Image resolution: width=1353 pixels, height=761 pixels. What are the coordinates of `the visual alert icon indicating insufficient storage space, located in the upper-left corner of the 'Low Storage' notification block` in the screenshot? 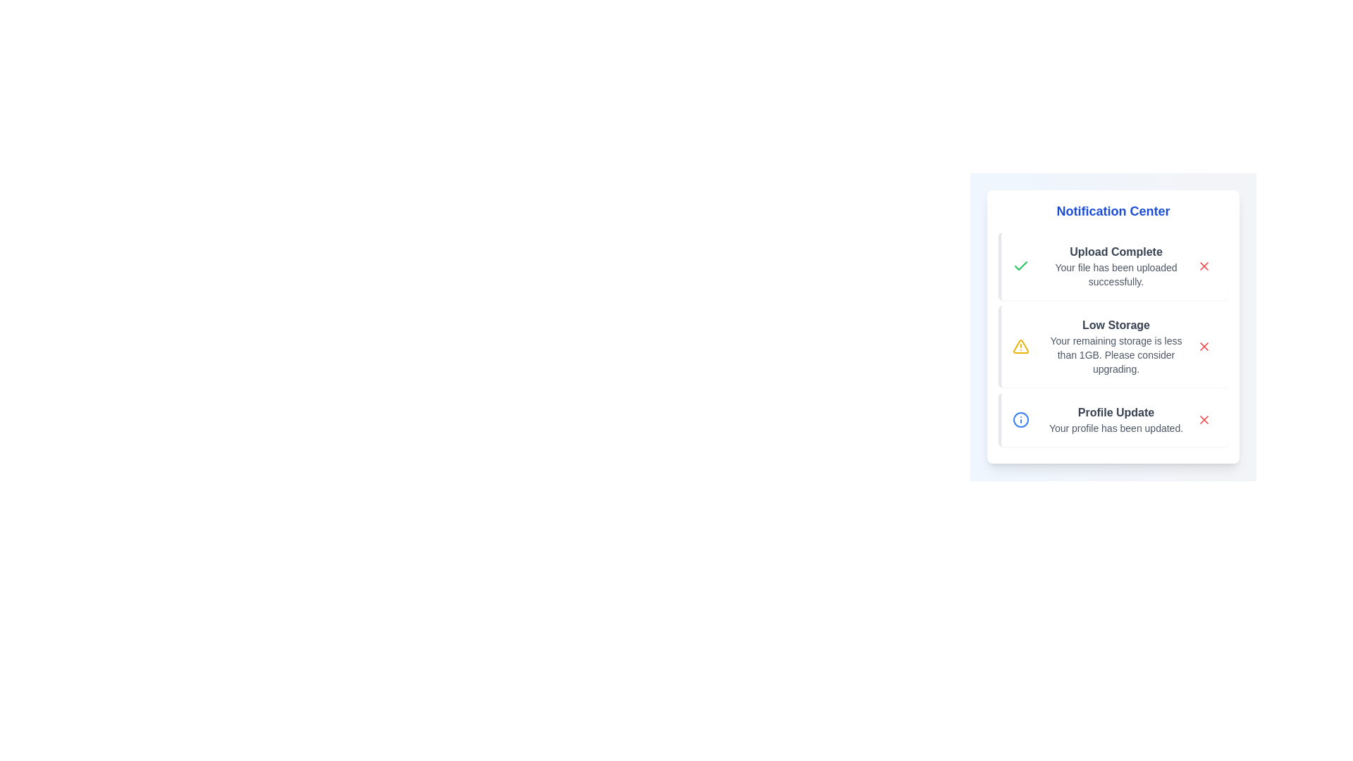 It's located at (1021, 347).